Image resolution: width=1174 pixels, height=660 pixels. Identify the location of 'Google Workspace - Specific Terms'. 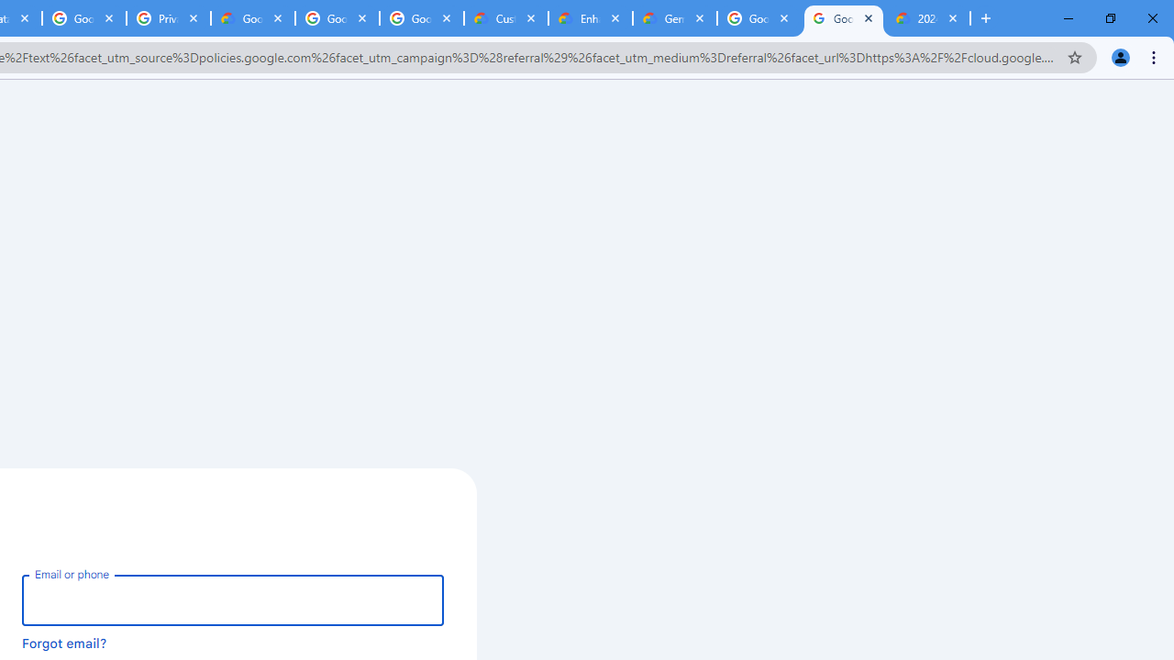
(338, 18).